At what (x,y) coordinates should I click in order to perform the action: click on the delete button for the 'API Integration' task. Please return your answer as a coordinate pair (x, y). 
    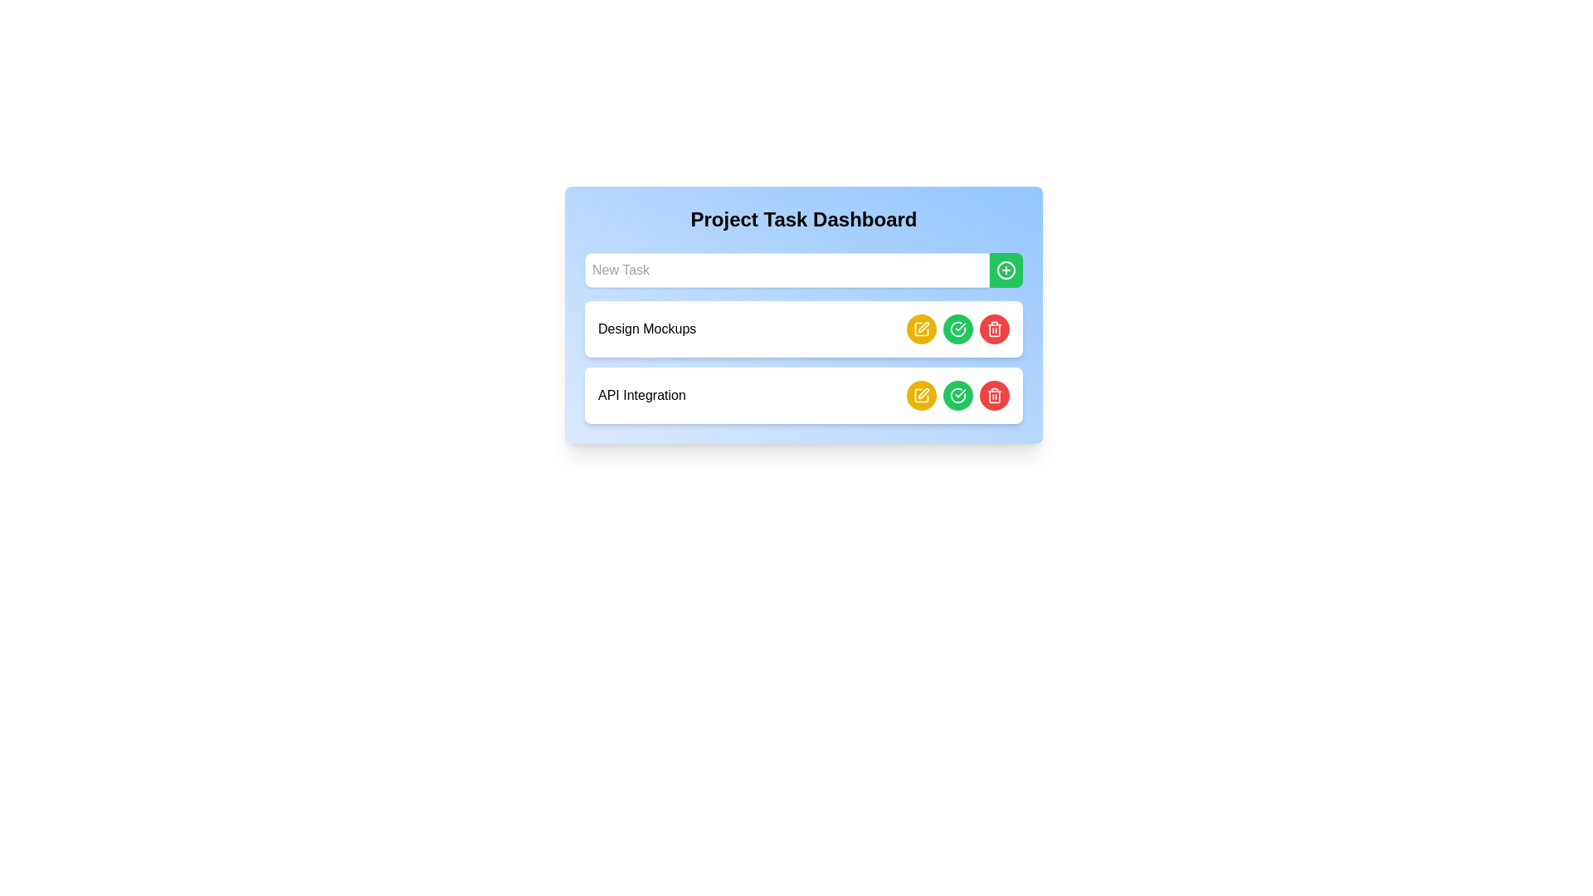
    Looking at the image, I should click on (995, 329).